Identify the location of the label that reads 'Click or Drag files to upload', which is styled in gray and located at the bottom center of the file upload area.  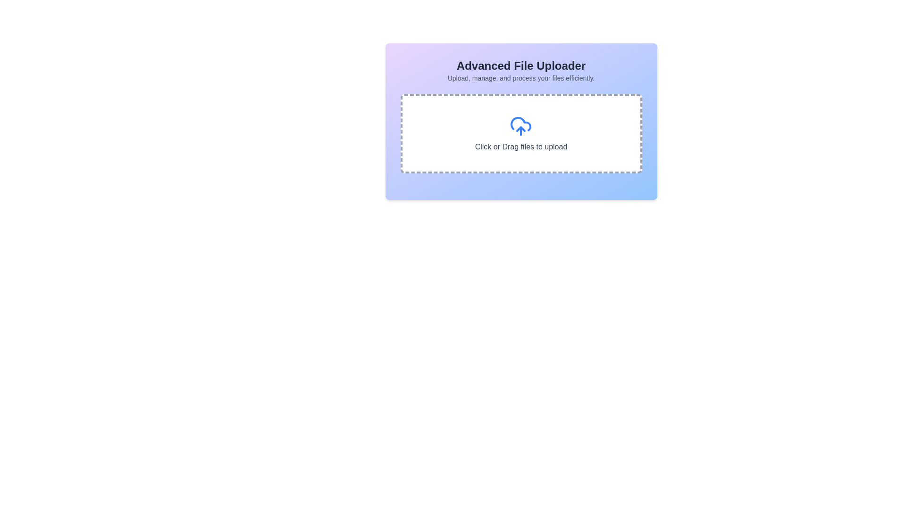
(520, 147).